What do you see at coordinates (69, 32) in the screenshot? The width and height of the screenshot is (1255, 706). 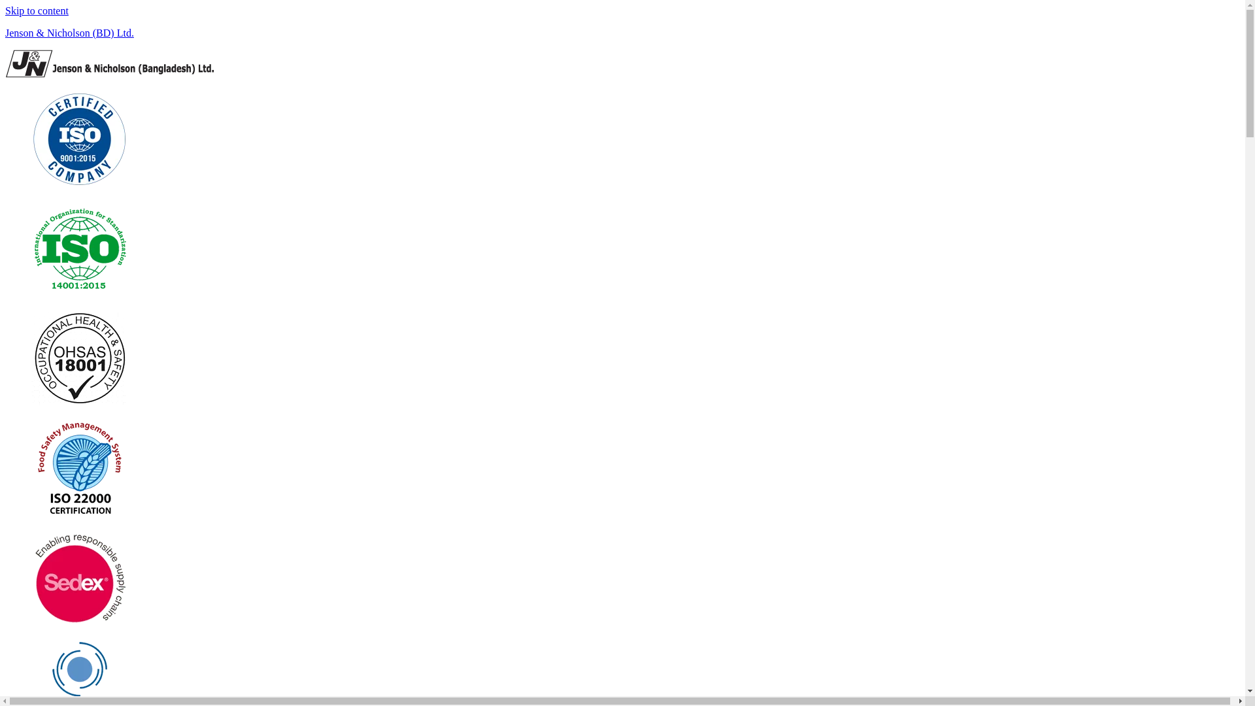 I see `'Jenson & Nicholson (BD) Ltd.'` at bounding box center [69, 32].